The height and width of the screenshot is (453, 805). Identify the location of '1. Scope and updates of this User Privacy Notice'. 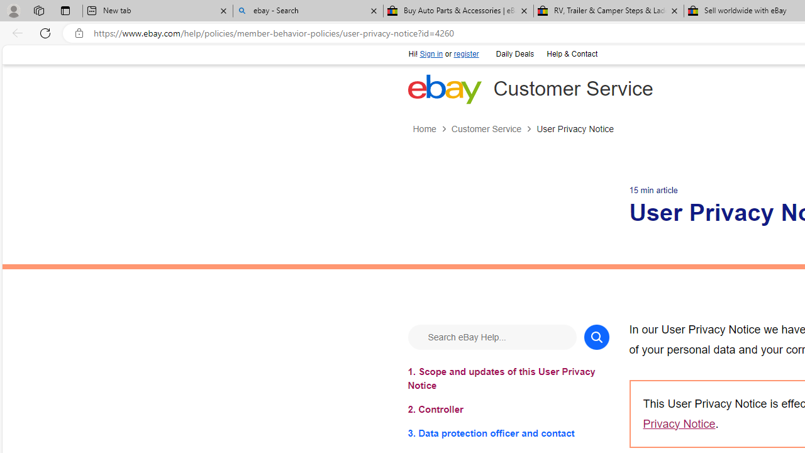
(508, 377).